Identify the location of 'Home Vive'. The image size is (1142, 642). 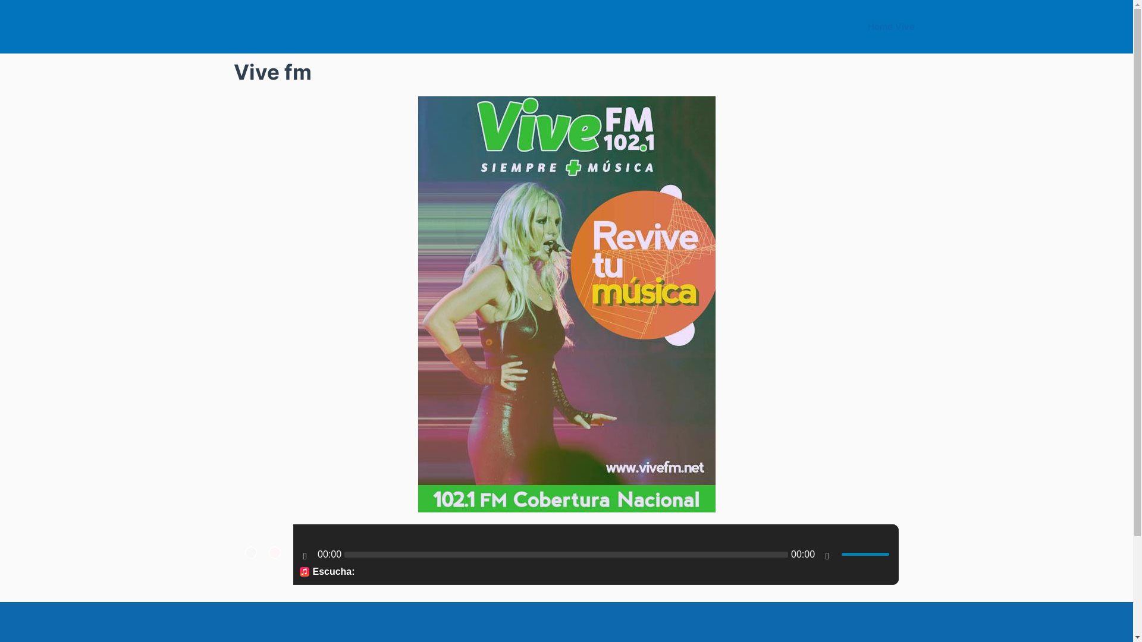
(891, 27).